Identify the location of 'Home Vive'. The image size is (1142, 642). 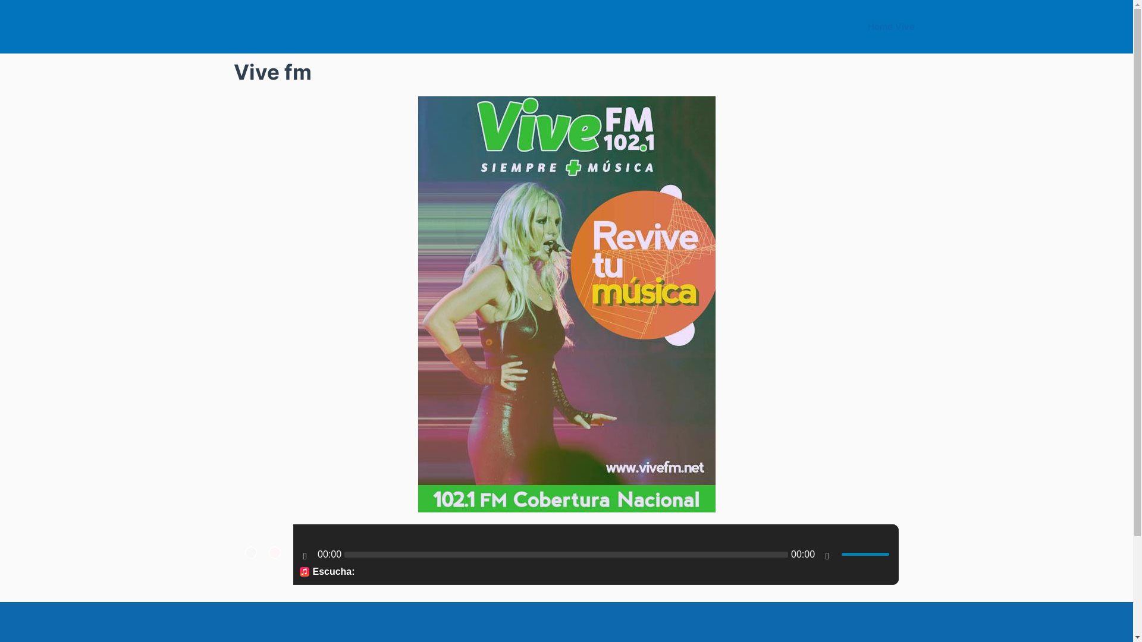
(891, 27).